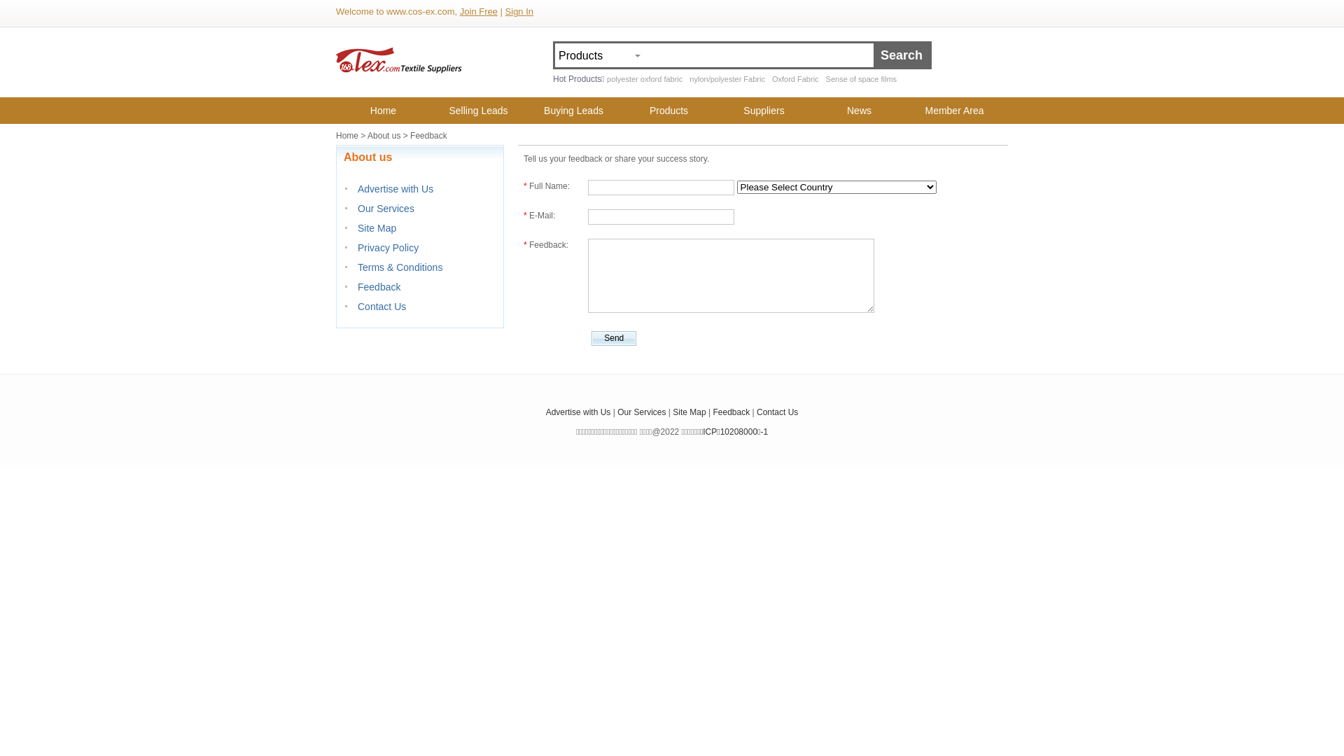 This screenshot has height=756, width=1344. What do you see at coordinates (644, 78) in the screenshot?
I see `'polyester oxford fabric'` at bounding box center [644, 78].